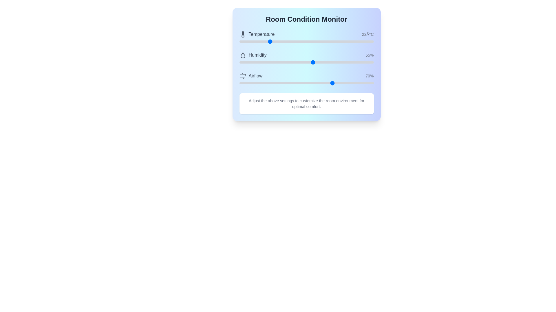 Image resolution: width=556 pixels, height=312 pixels. Describe the element at coordinates (241, 62) in the screenshot. I see `the humidity level` at that location.